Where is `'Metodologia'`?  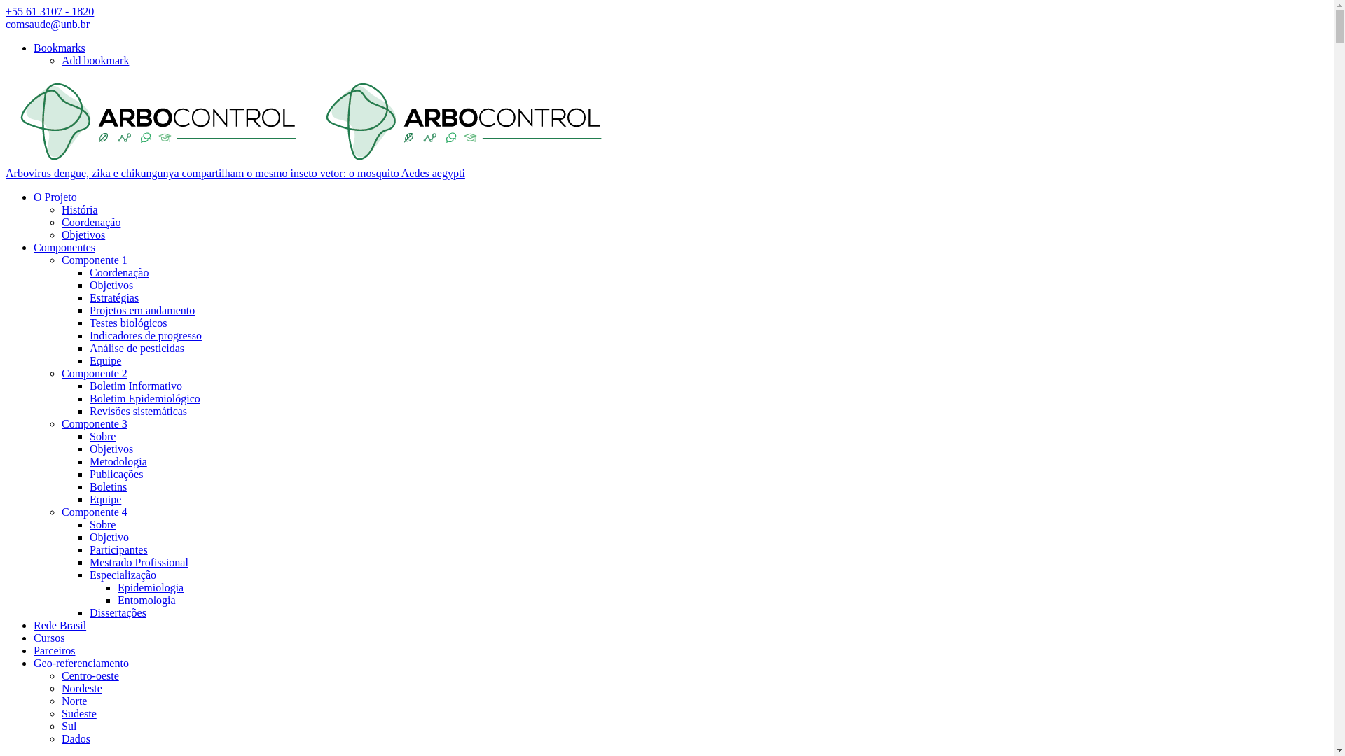 'Metodologia' is located at coordinates (118, 461).